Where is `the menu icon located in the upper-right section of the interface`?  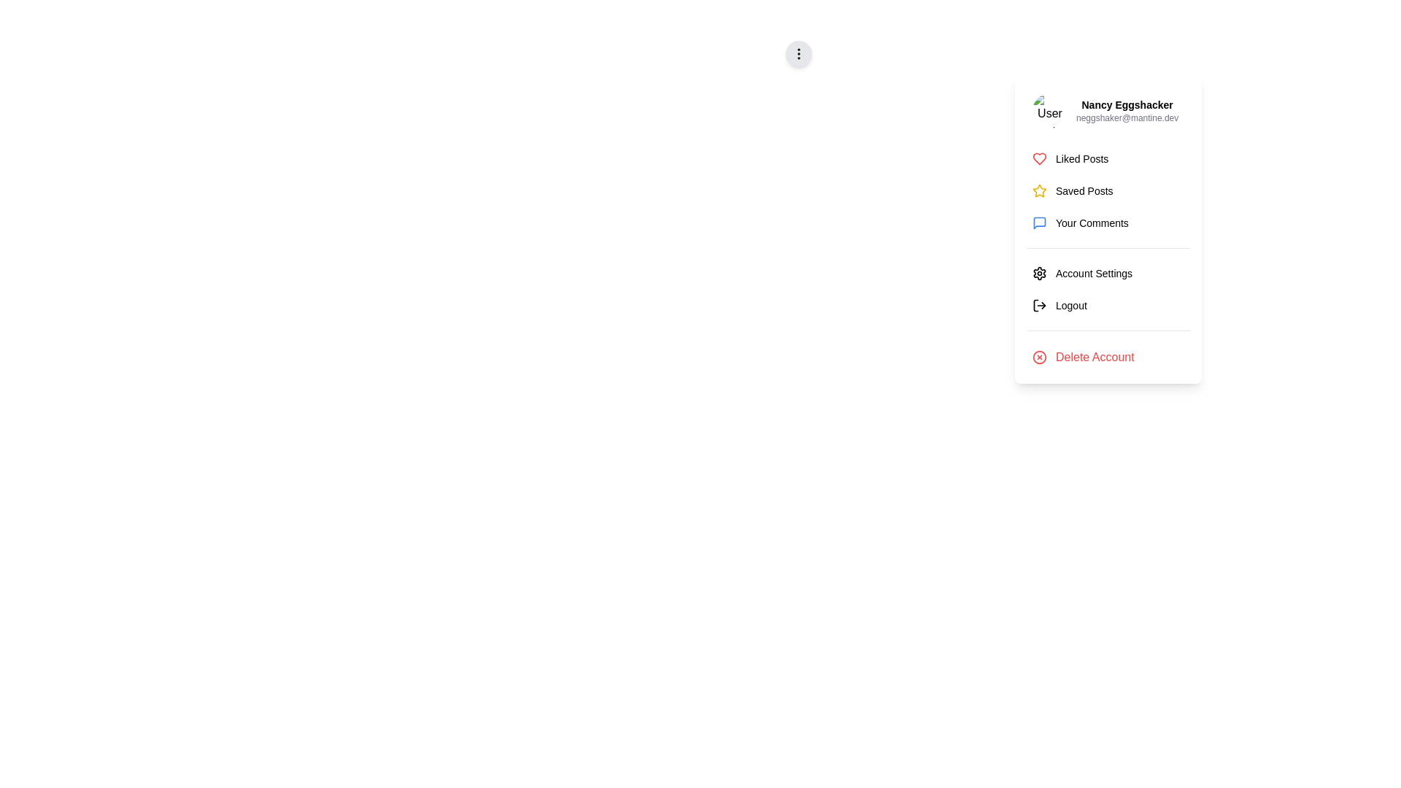 the menu icon located in the upper-right section of the interface is located at coordinates (798, 53).